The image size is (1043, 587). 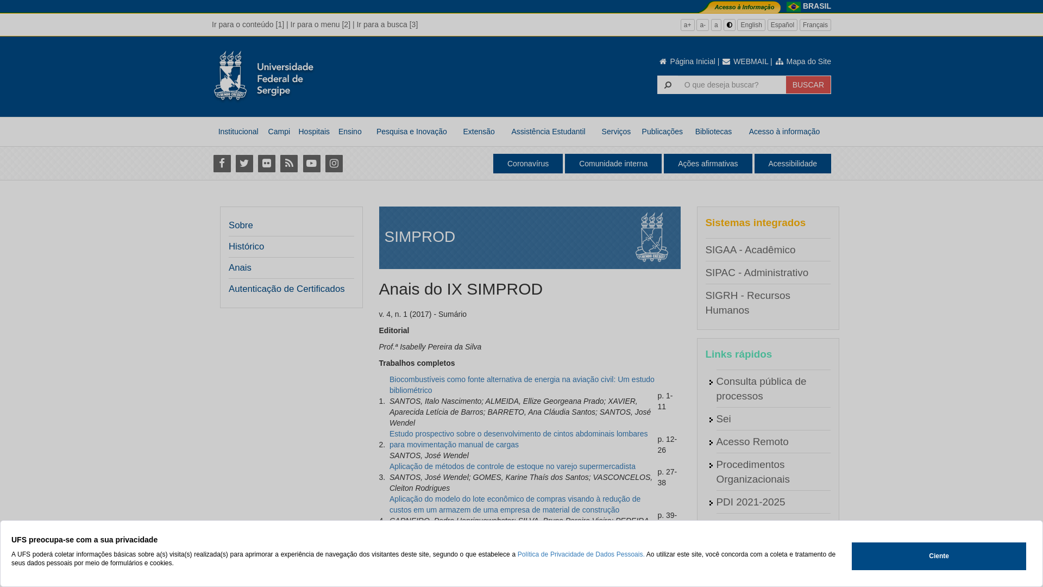 What do you see at coordinates (243, 163) in the screenshot?
I see `'Twitter'` at bounding box center [243, 163].